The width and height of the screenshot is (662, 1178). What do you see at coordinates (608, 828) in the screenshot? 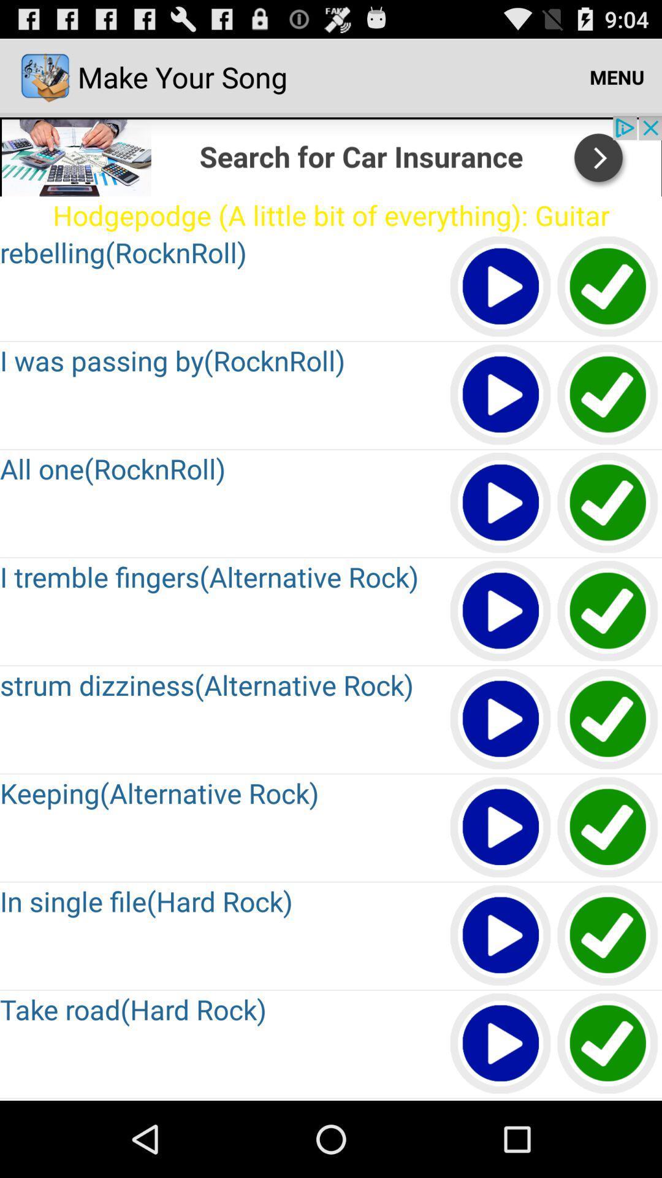
I see `keeping option checked` at bounding box center [608, 828].